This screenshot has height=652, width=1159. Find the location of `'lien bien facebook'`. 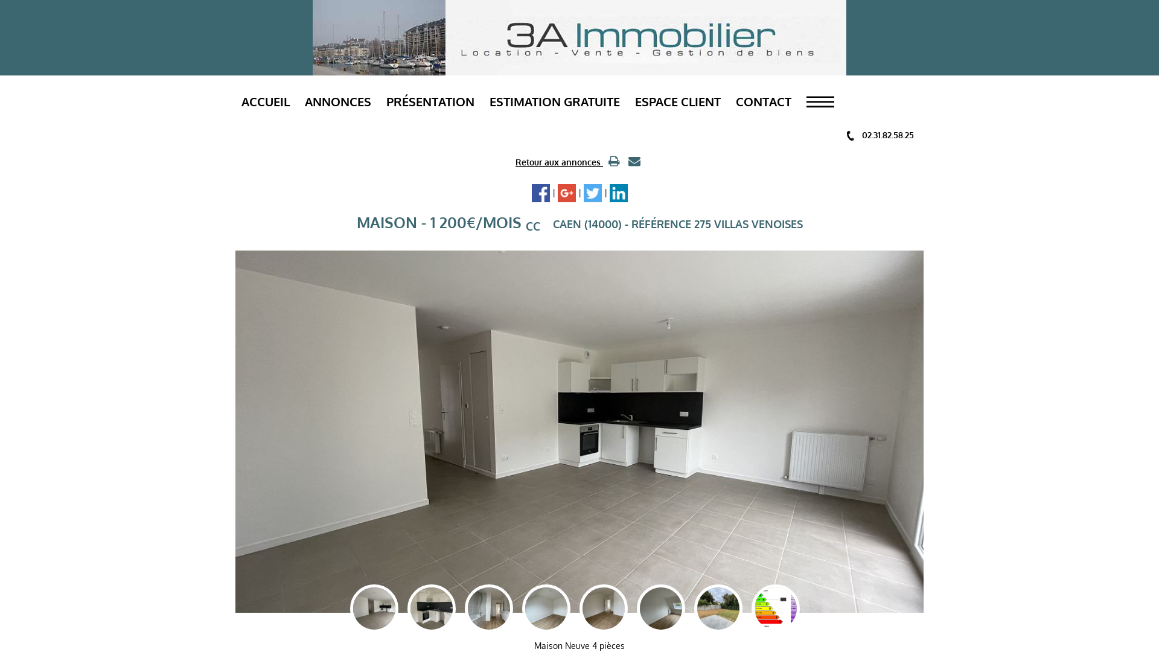

'lien bien facebook' is located at coordinates (539, 193).